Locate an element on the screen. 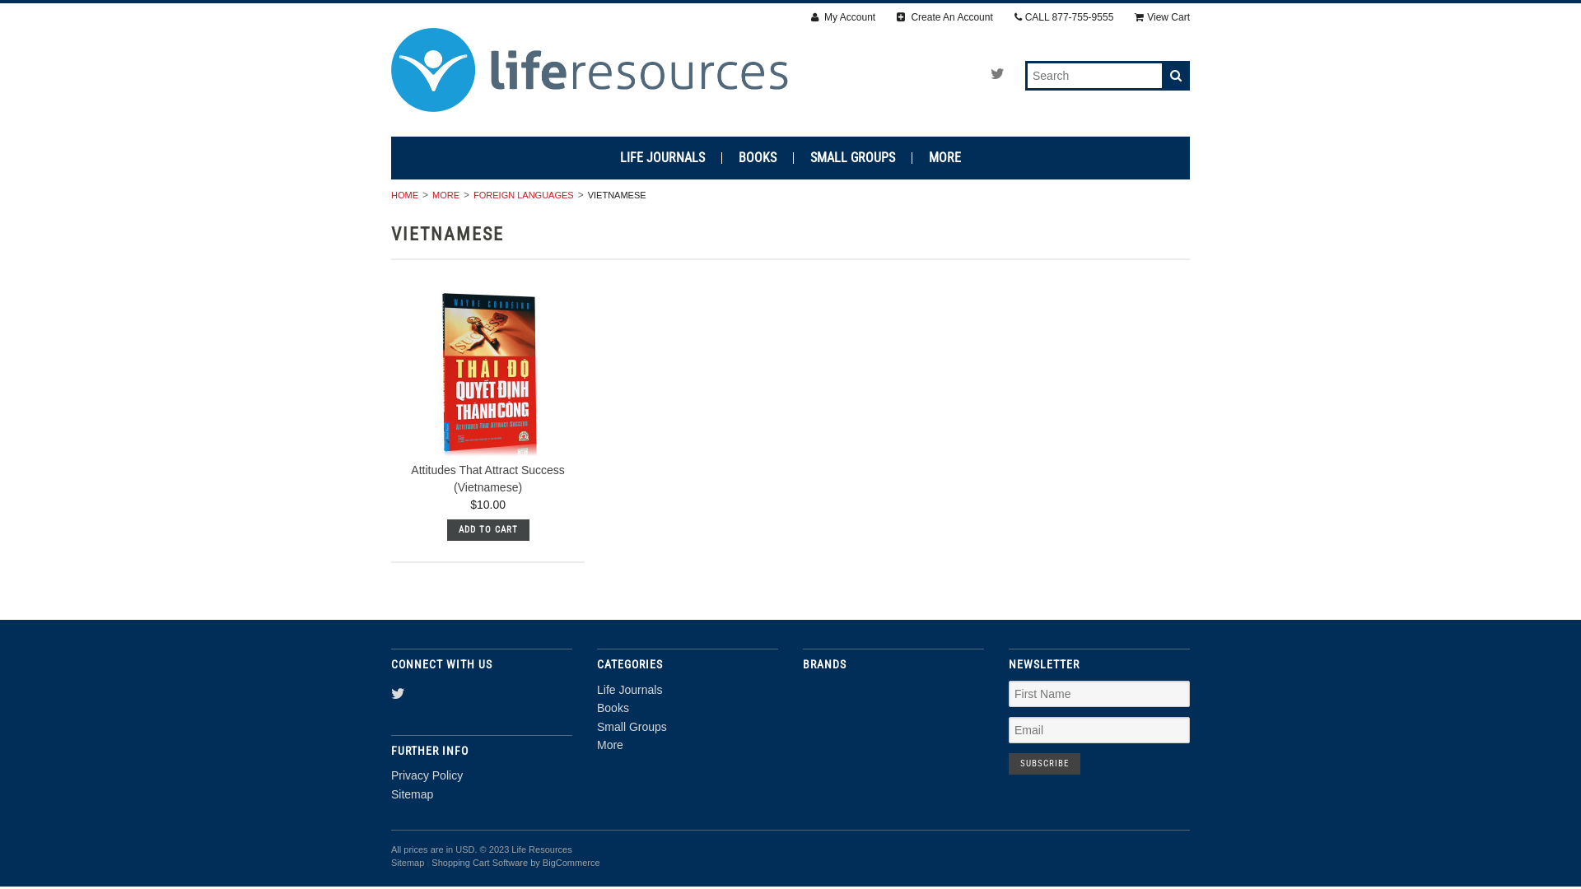 Image resolution: width=1581 pixels, height=889 pixels. 'LIFE JOURNALS' is located at coordinates (663, 158).